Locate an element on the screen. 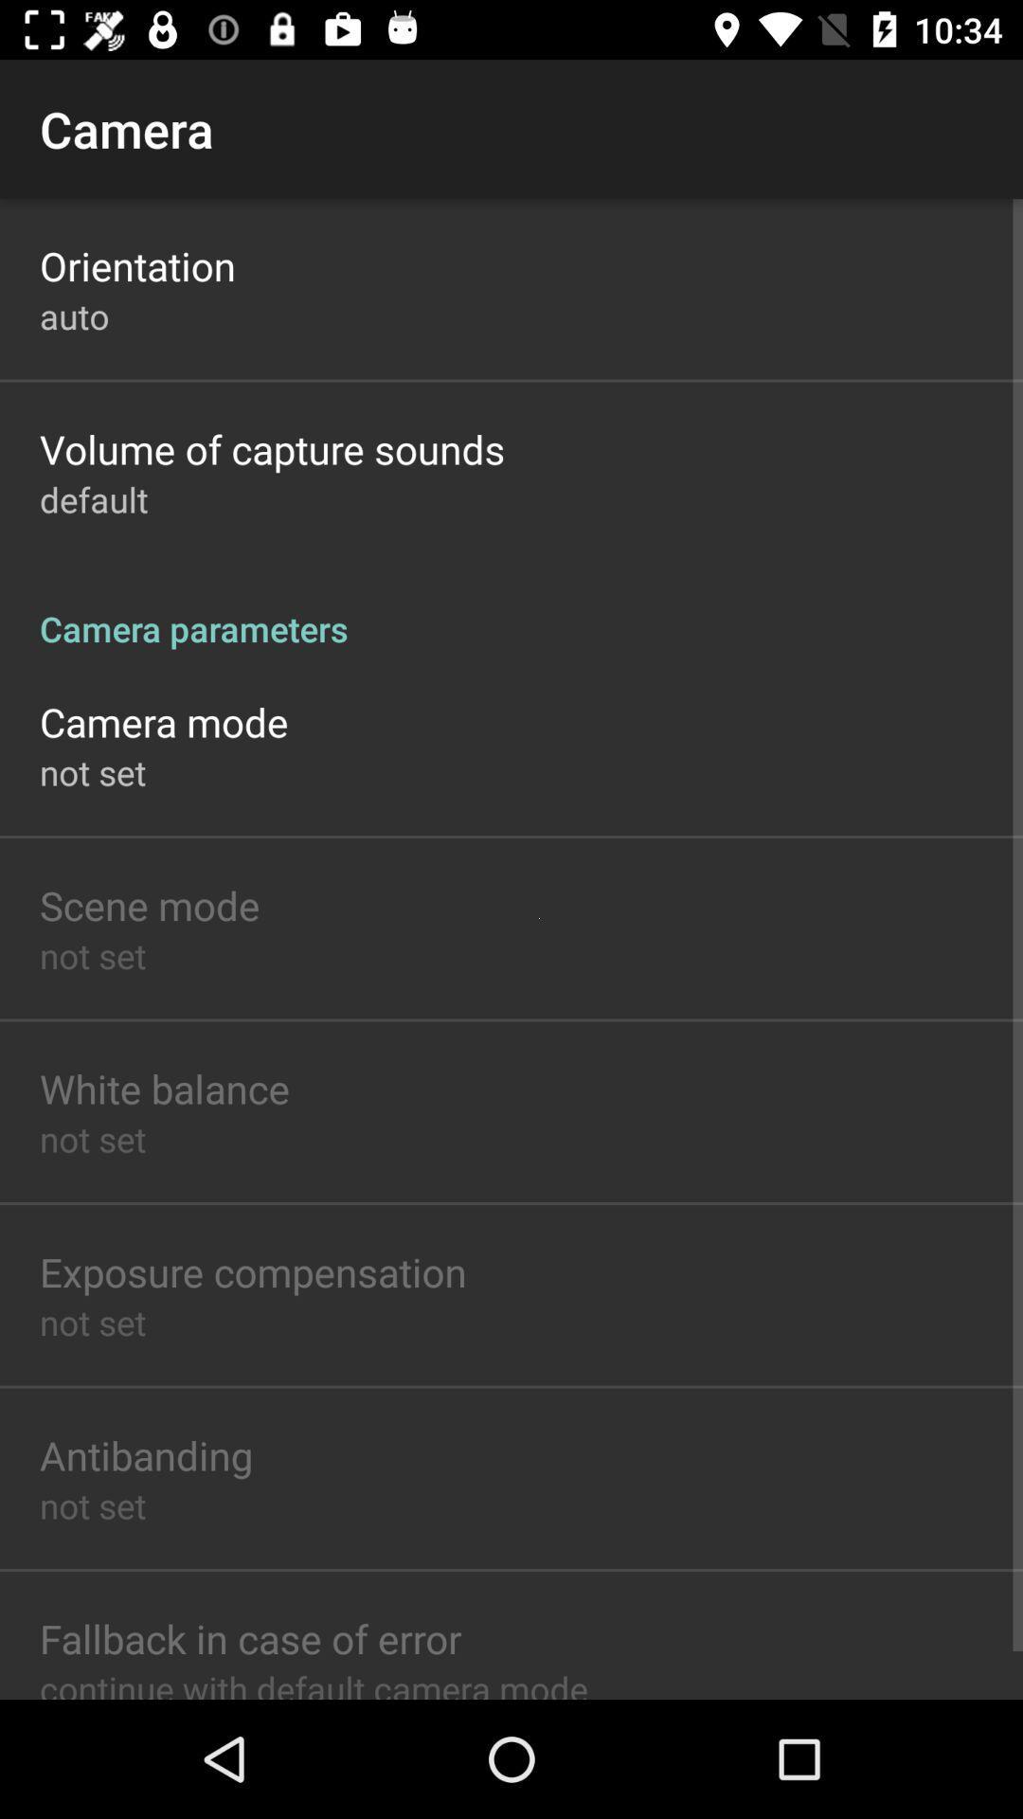 This screenshot has width=1023, height=1819. the icon below auto icon is located at coordinates (272, 448).